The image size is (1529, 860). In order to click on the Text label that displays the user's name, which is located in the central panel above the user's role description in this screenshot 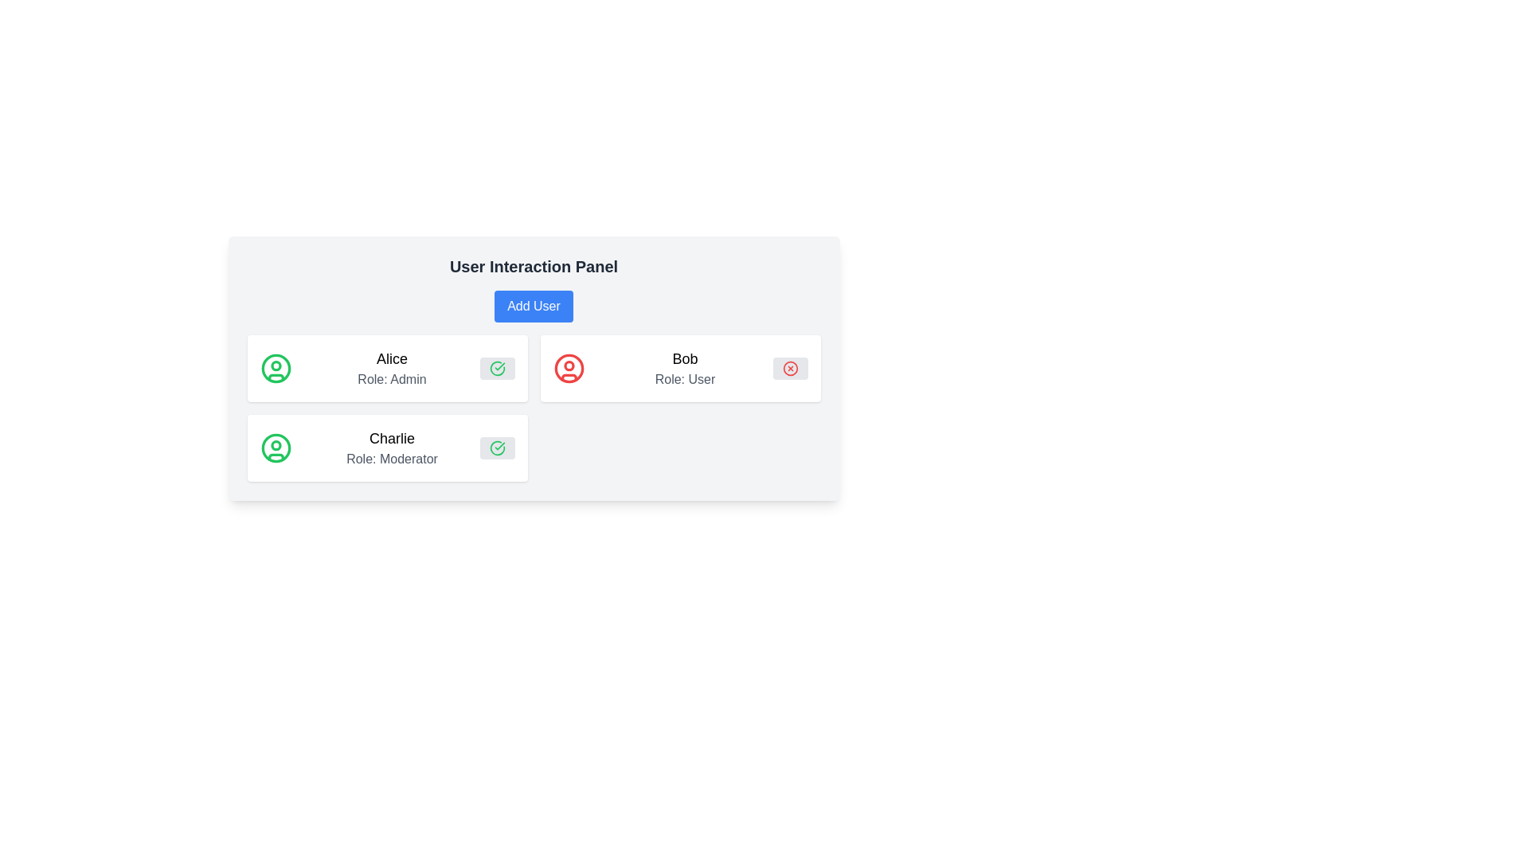, I will do `click(685, 359)`.